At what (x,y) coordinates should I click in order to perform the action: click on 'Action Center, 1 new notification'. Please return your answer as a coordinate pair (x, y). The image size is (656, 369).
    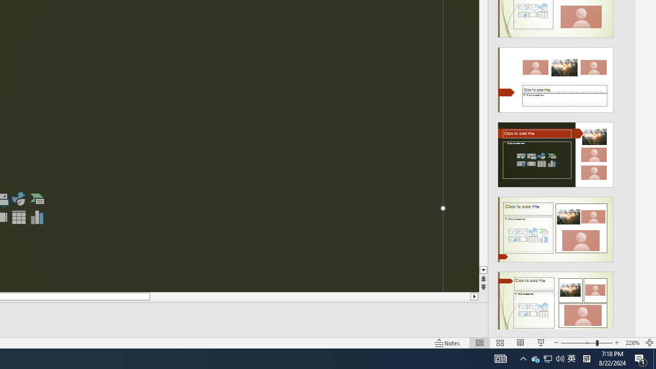
    Looking at the image, I should click on (641, 358).